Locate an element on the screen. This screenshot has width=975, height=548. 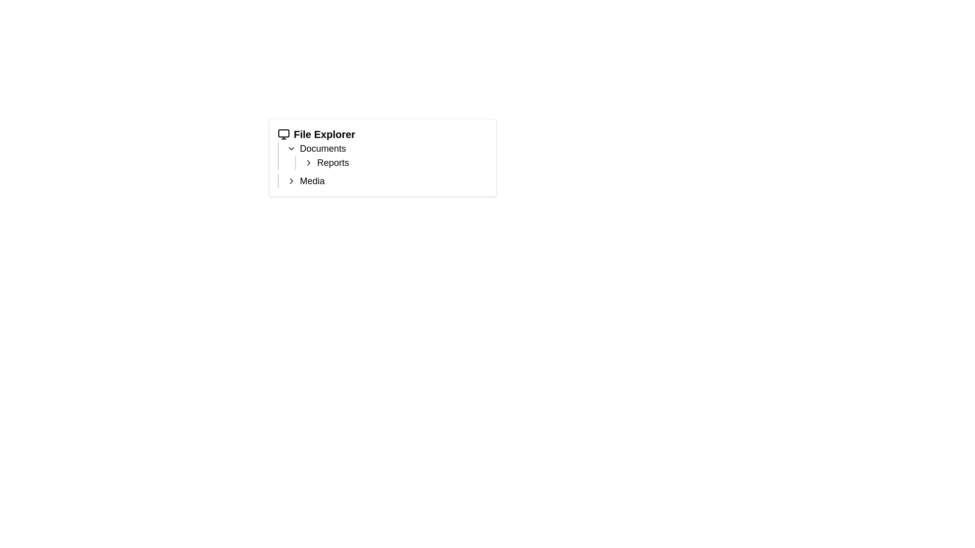
the 'Reports' component within the Navigational section of the 'File Explorer' is located at coordinates (382, 164).